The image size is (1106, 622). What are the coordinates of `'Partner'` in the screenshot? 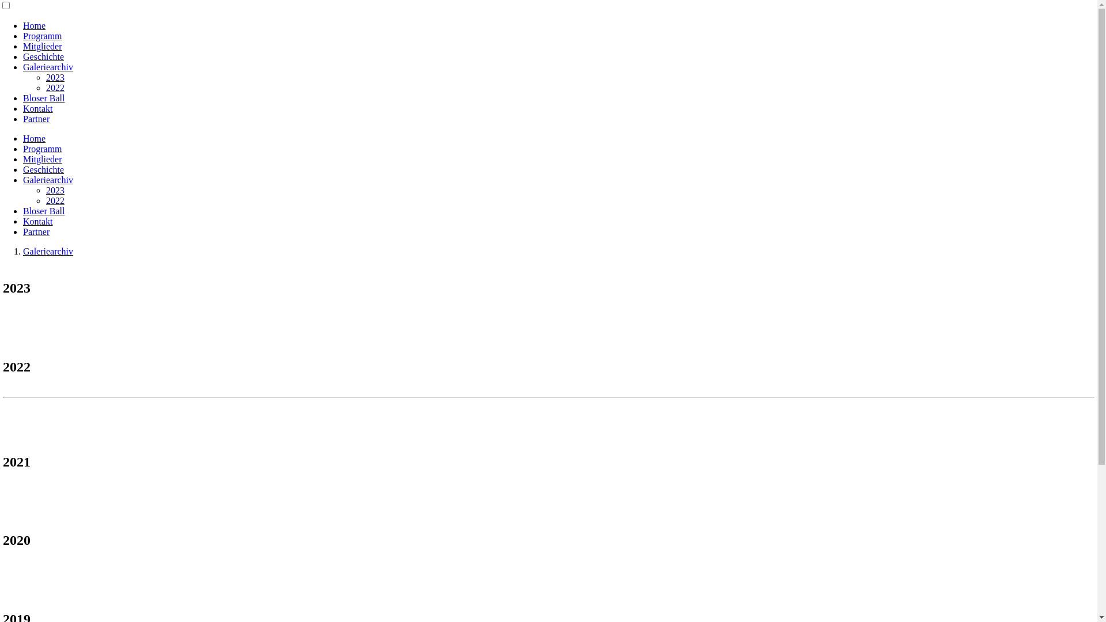 It's located at (22, 232).